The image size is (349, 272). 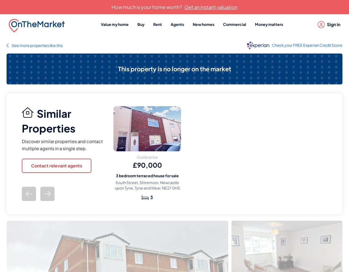 I want to click on 'Guide price', so click(x=136, y=156).